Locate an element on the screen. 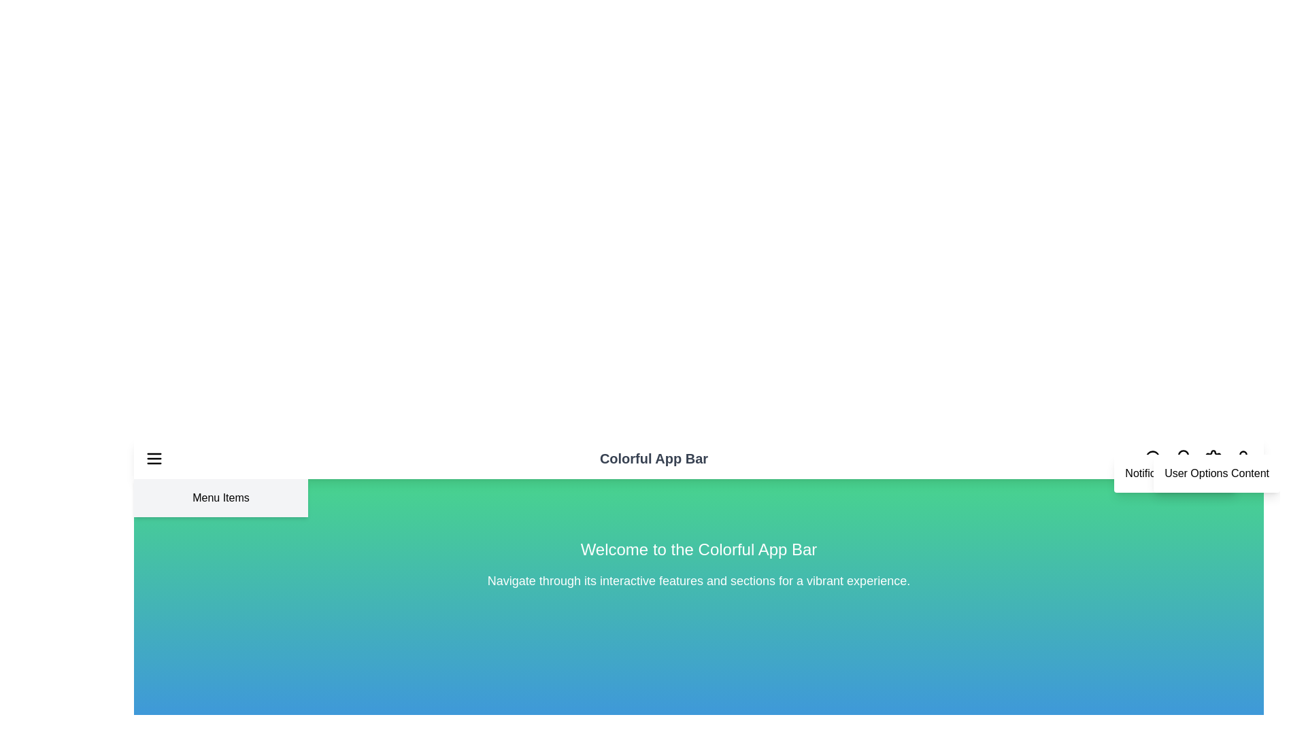  the menu icon to toggle the menu visibility is located at coordinates (154, 459).